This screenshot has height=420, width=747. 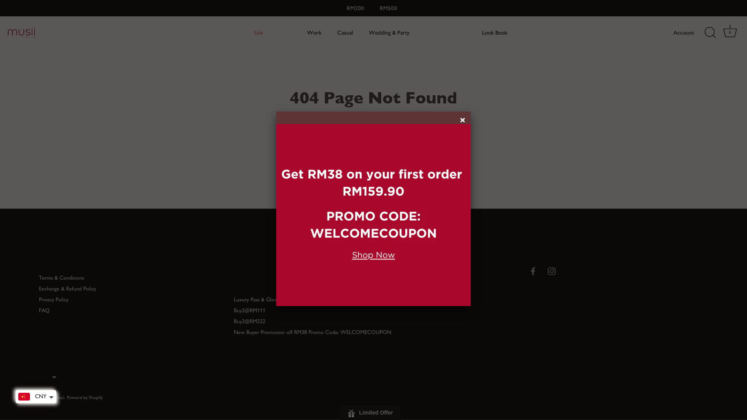 I want to click on 'Luxury Pass & Glamour Pass', so click(x=265, y=299).